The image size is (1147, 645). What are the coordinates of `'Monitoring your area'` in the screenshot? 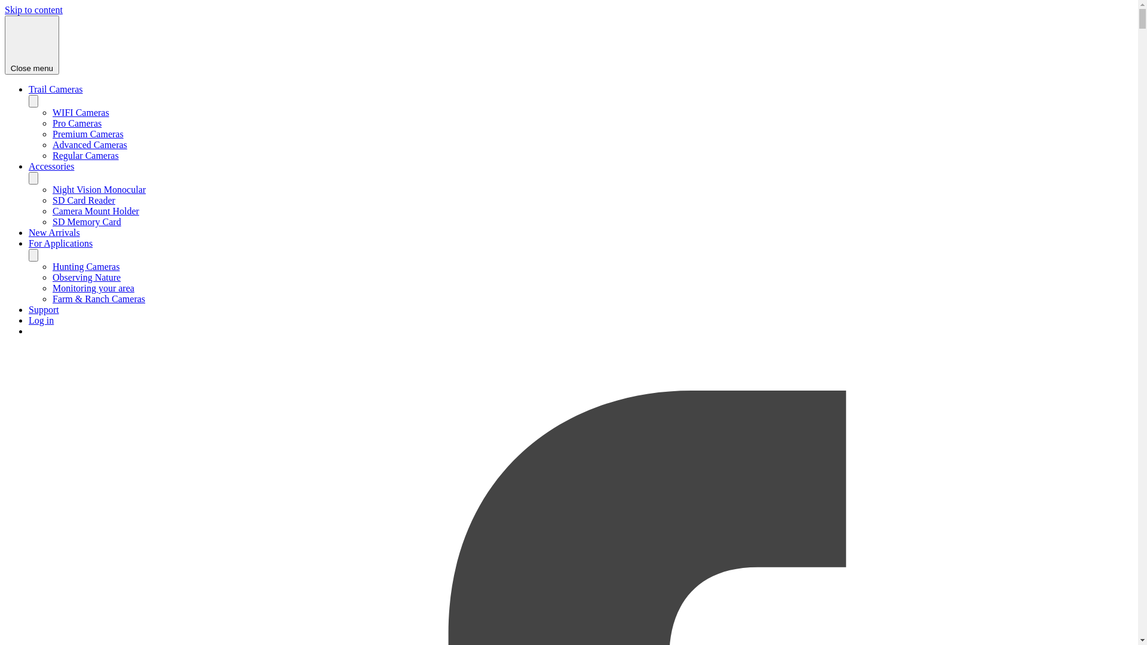 It's located at (93, 288).